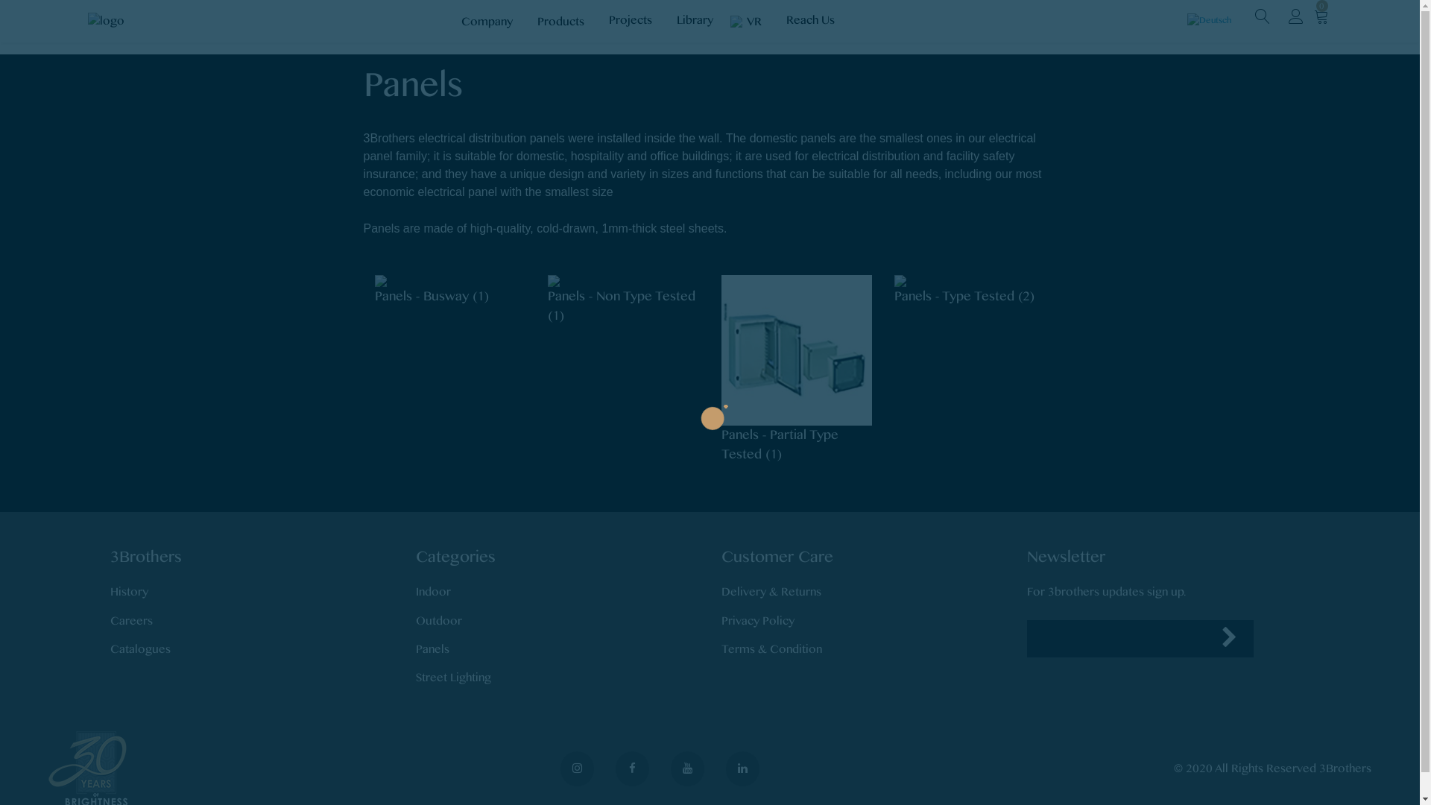 The height and width of the screenshot is (805, 1431). What do you see at coordinates (105, 21) in the screenshot?
I see `'3Brothersx'` at bounding box center [105, 21].